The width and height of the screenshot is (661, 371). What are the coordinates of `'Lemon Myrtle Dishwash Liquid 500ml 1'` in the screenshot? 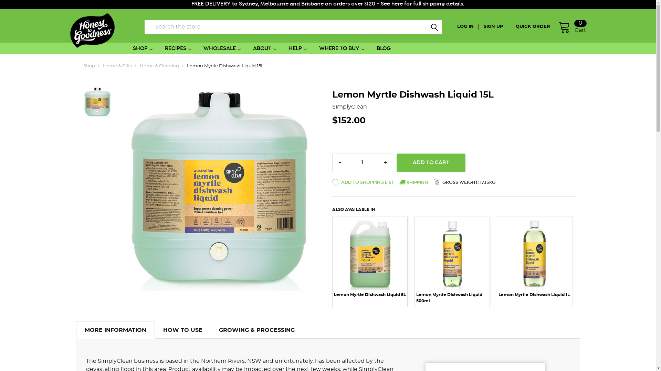 It's located at (452, 254).